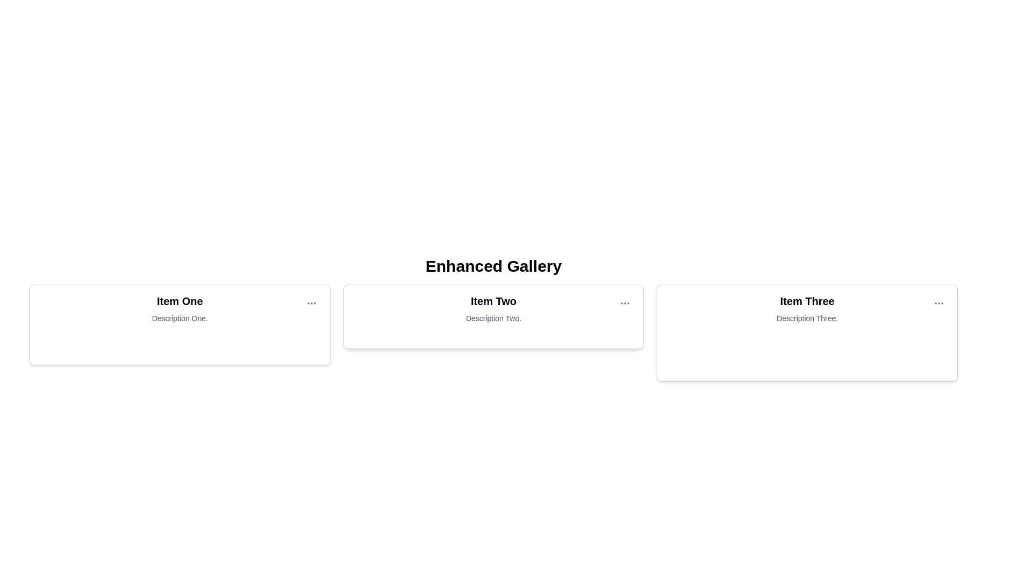  What do you see at coordinates (807, 308) in the screenshot?
I see `the third card displaying the title 'Item Three' and its description, located at the rightmost position in the gallery` at bounding box center [807, 308].